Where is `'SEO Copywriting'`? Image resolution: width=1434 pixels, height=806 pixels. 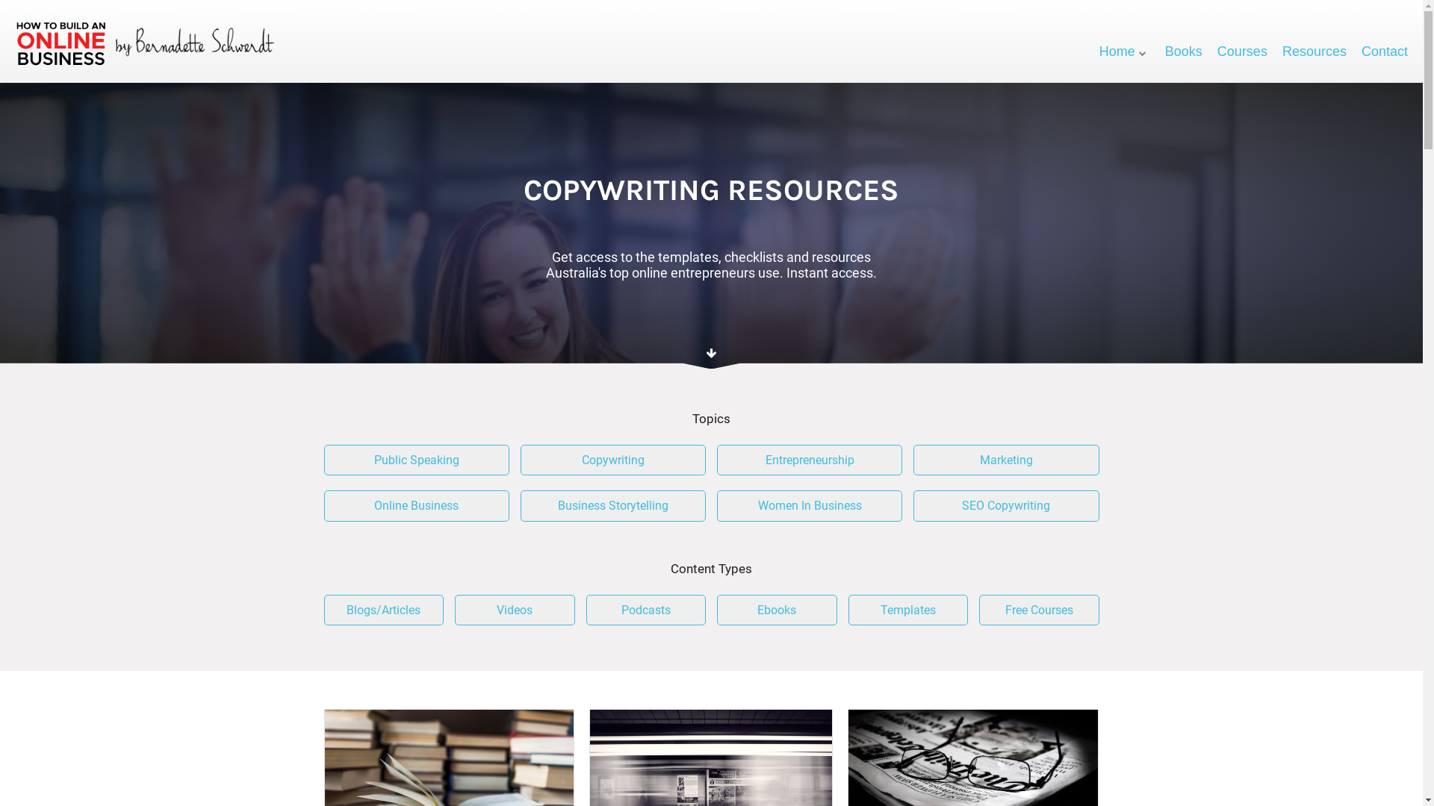
'SEO Copywriting' is located at coordinates (913, 505).